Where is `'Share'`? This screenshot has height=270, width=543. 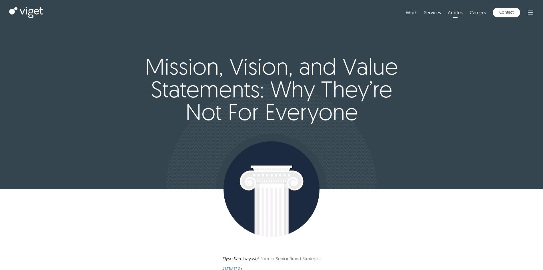 'Share' is located at coordinates (512, 8).